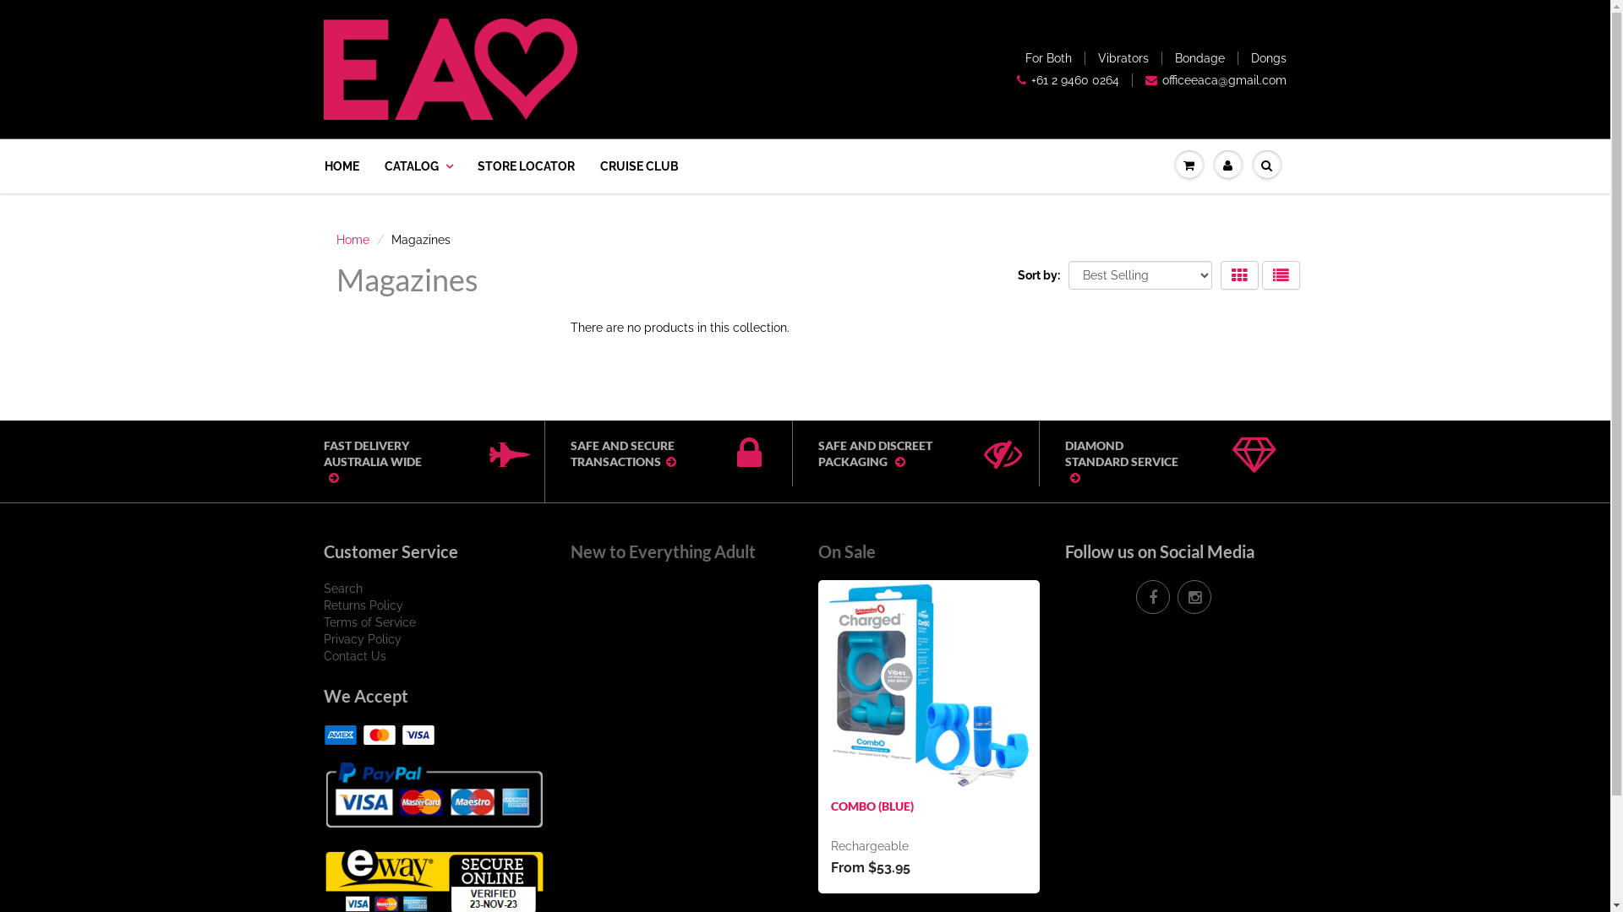 The height and width of the screenshot is (912, 1623). I want to click on 'CATALOG', so click(418, 166).